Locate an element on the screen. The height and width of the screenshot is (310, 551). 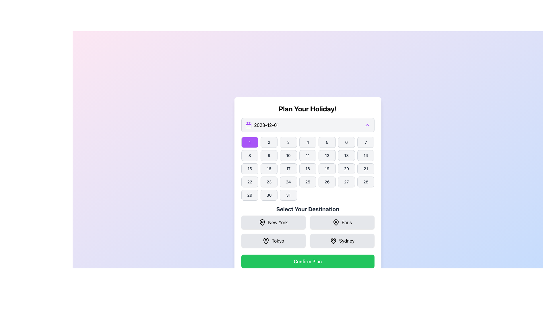
the rectangular button labeled '26' with a light gray background and dark gray border is located at coordinates (327, 182).